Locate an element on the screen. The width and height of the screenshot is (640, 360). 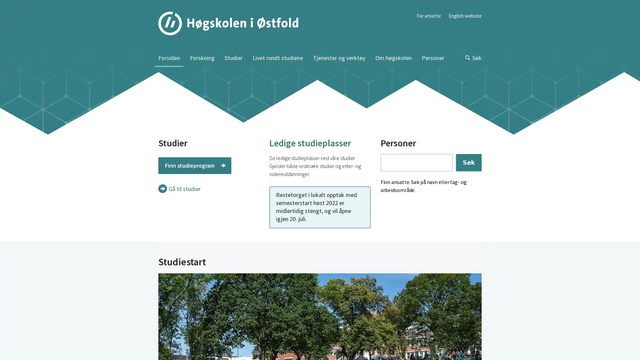
Sk is located at coordinates (468, 92).